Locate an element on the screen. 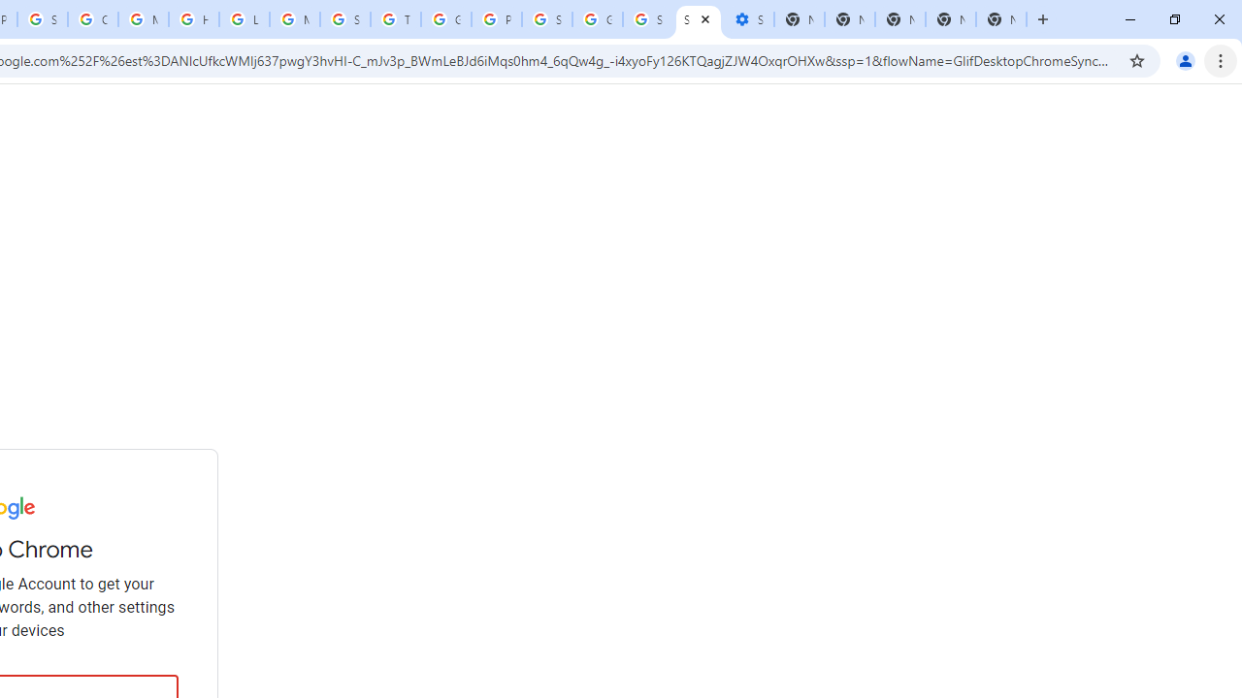 This screenshot has height=698, width=1242. 'Settings - Performance' is located at coordinates (747, 19).